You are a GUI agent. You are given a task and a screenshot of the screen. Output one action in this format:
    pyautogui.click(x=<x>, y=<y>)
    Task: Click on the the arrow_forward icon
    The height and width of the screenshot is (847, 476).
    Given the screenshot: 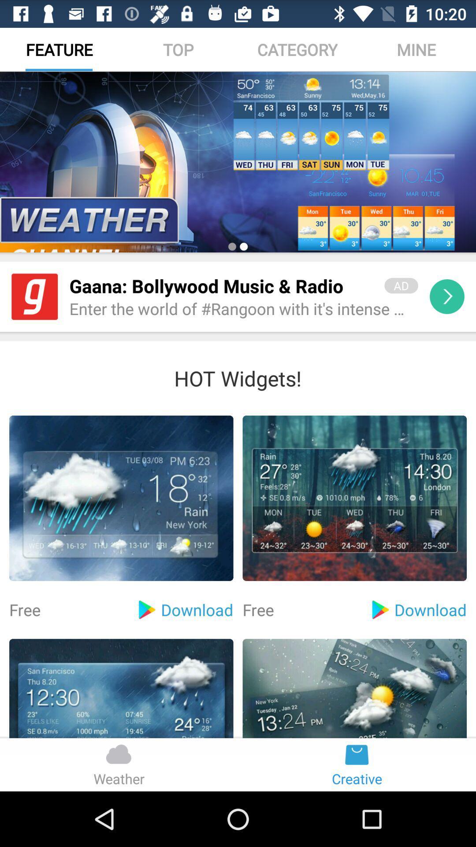 What is the action you would take?
    pyautogui.click(x=447, y=317)
    